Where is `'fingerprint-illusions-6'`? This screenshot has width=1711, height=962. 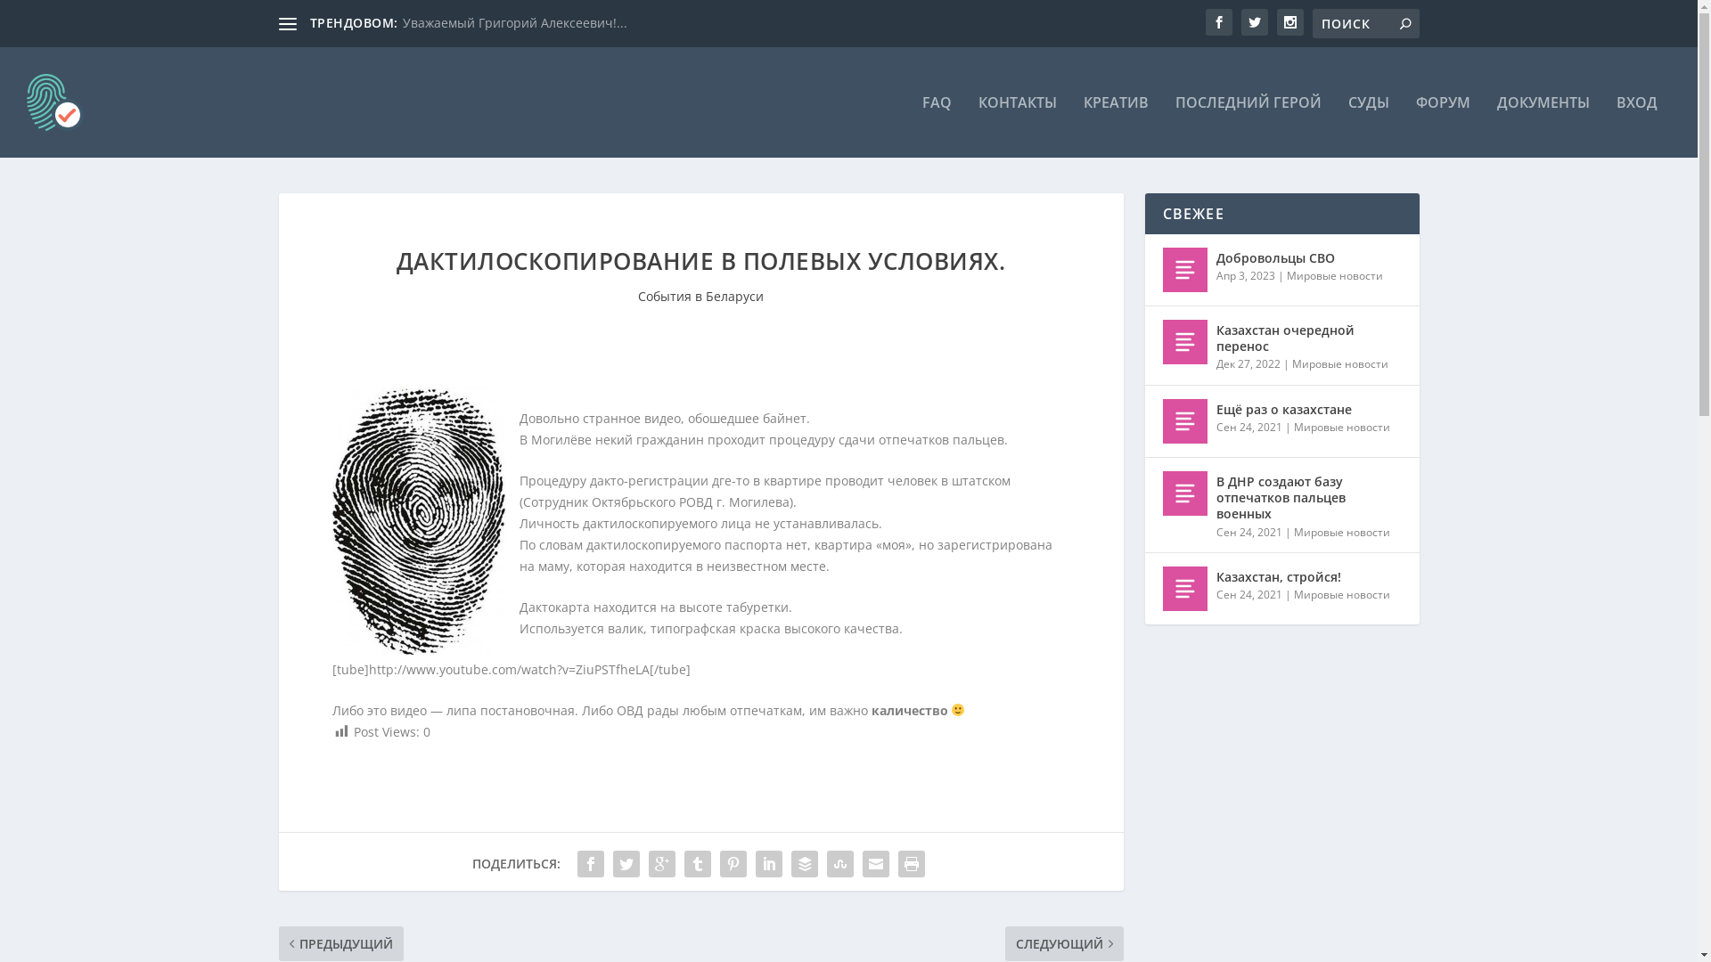
'fingerprint-illusions-6' is located at coordinates (417, 521).